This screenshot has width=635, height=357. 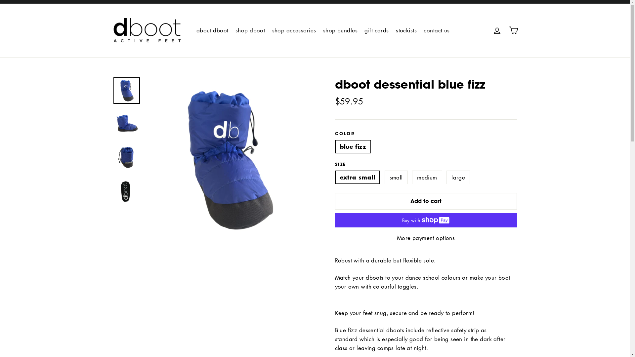 What do you see at coordinates (212, 30) in the screenshot?
I see `'about dboot'` at bounding box center [212, 30].